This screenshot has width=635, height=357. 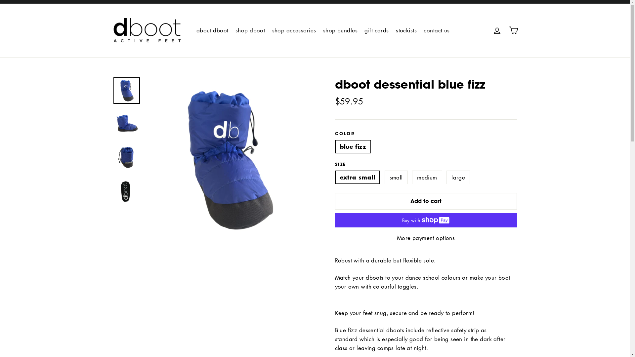 What do you see at coordinates (212, 30) in the screenshot?
I see `'about dboot'` at bounding box center [212, 30].